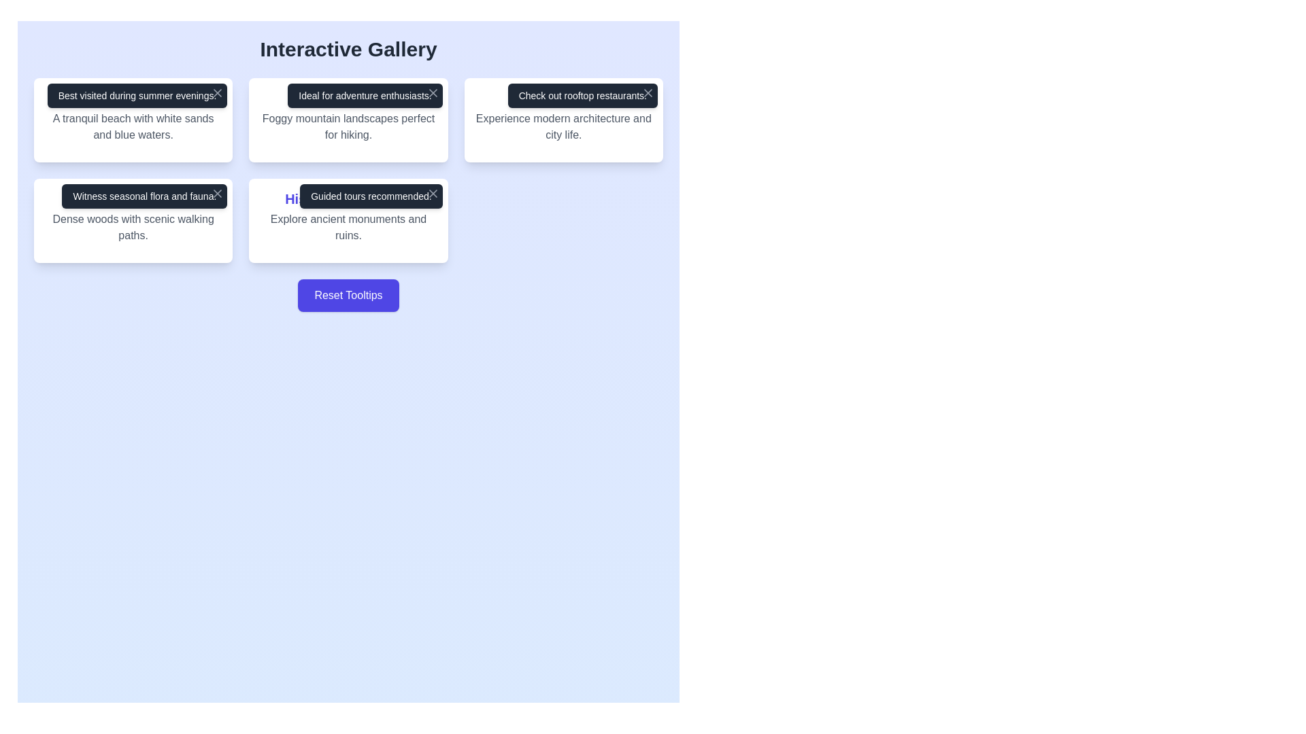 This screenshot has height=734, width=1306. Describe the element at coordinates (218, 92) in the screenshot. I see `the small cross-shaped icon located at the top right corner of the card labeled 'Best visited during summer evenings'` at that location.